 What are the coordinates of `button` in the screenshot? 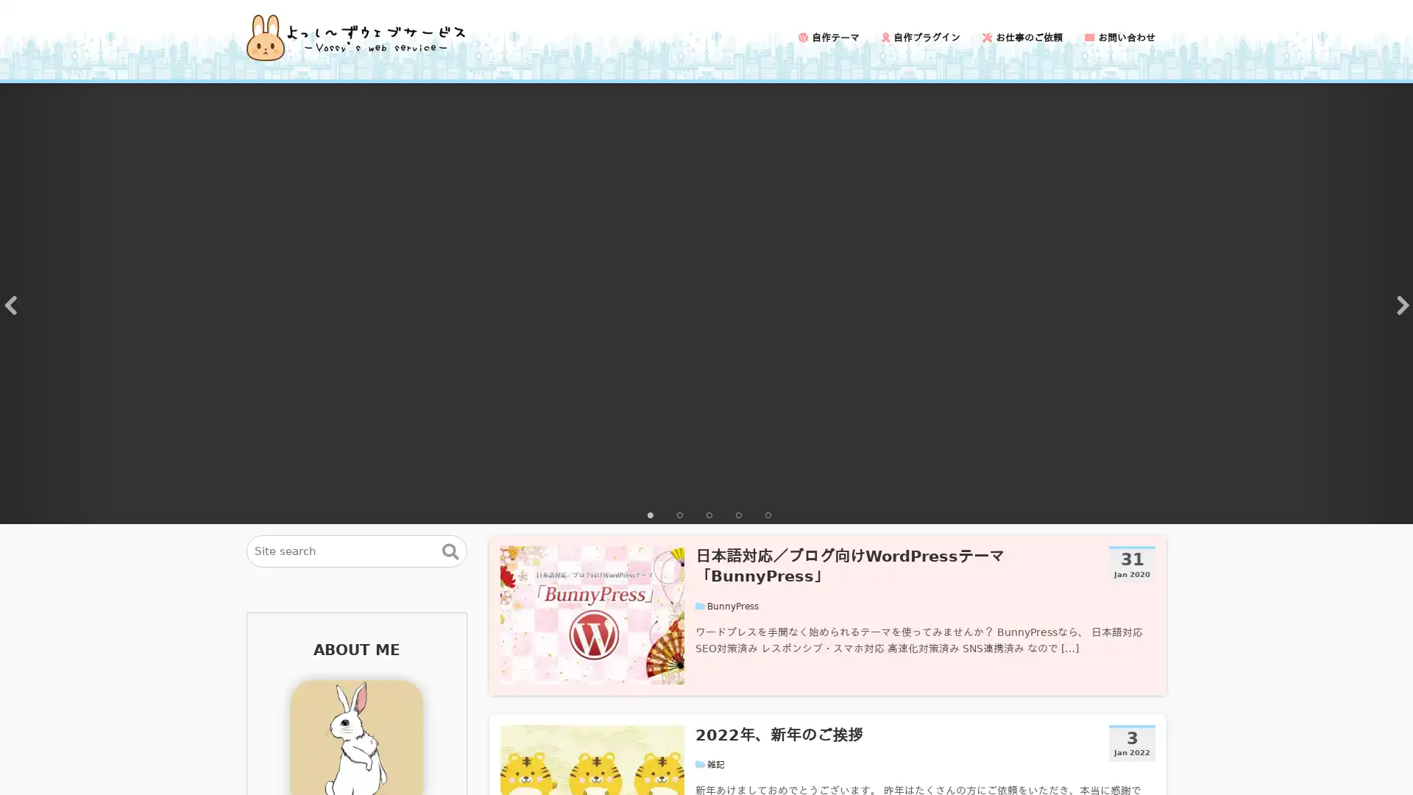 It's located at (450, 551).